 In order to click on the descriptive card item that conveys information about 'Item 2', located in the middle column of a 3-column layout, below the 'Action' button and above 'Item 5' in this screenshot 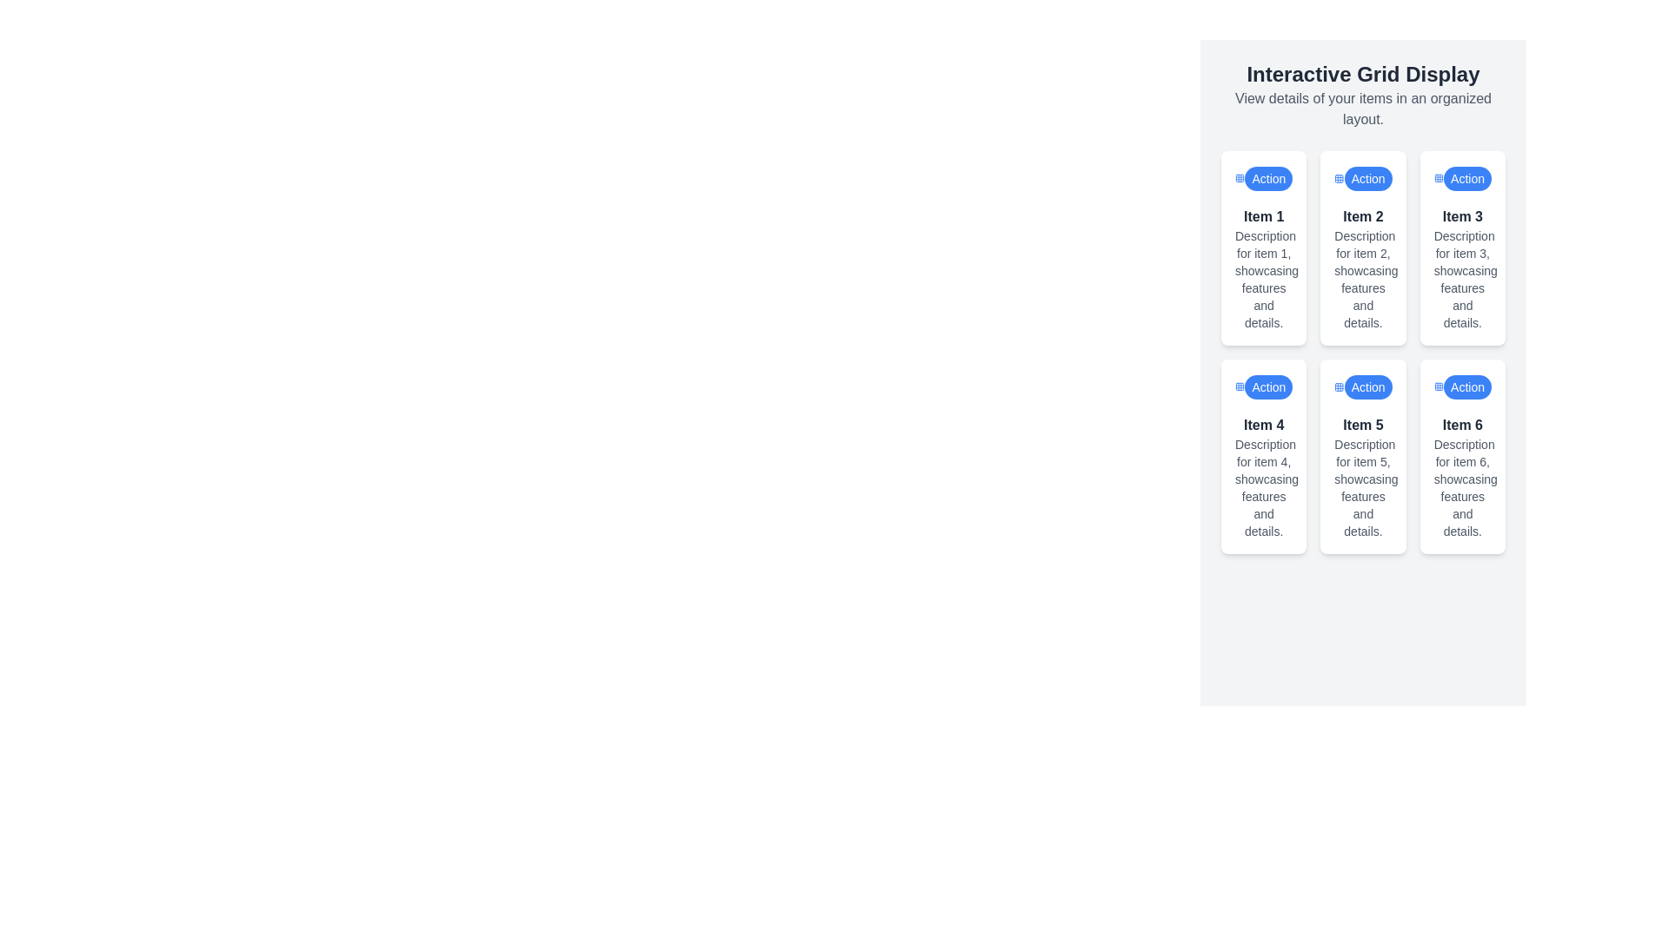, I will do `click(1362, 268)`.